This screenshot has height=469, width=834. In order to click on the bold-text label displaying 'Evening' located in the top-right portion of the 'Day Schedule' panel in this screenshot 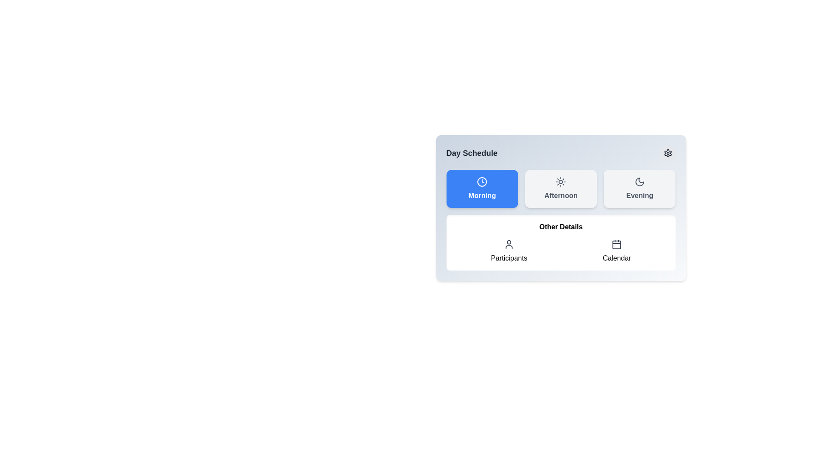, I will do `click(639, 196)`.